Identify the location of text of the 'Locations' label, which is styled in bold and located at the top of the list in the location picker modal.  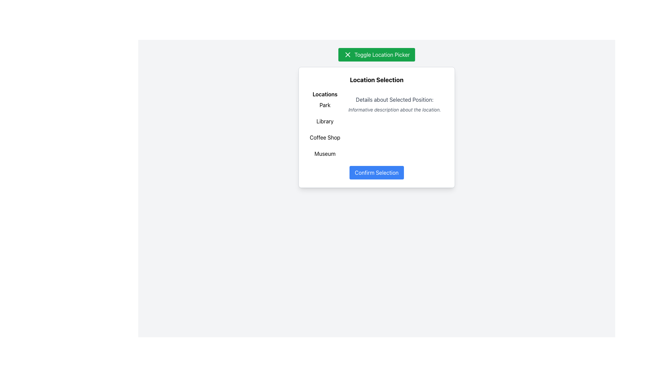
(325, 94).